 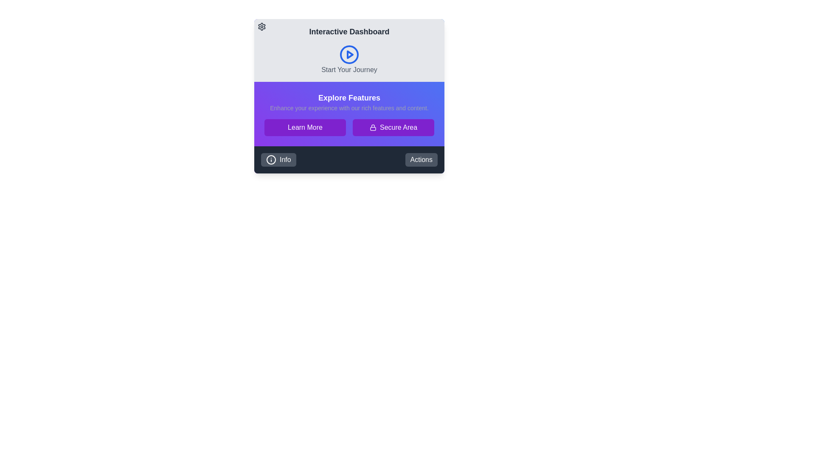 What do you see at coordinates (261, 26) in the screenshot?
I see `the gear icon button located in the top-left corner of the light gray header of the 'Interactive Dashboard' card` at bounding box center [261, 26].